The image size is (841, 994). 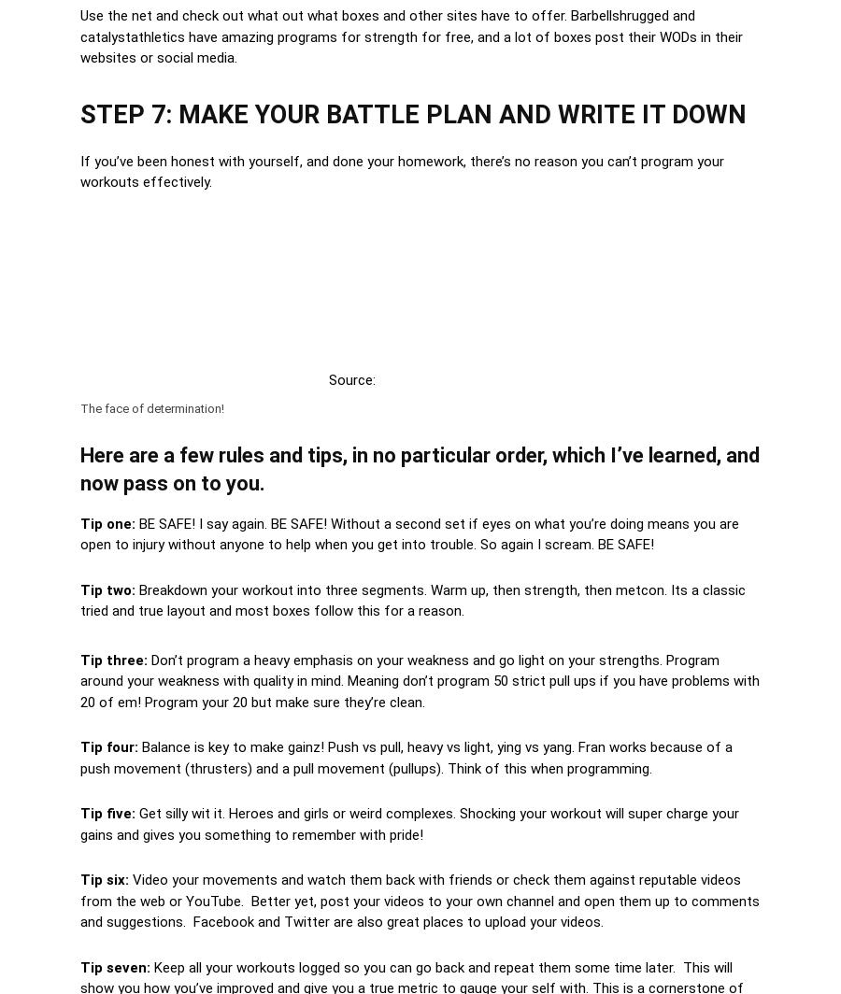 I want to click on 'STEP 7: MAKE YOUR BATTLE PLAN AND WRITE IT DOWN', so click(x=413, y=114).